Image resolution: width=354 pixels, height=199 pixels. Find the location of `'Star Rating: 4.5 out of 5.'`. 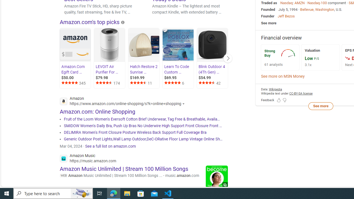

'Star Rating: 4.5 out of 5.' is located at coordinates (207, 83).